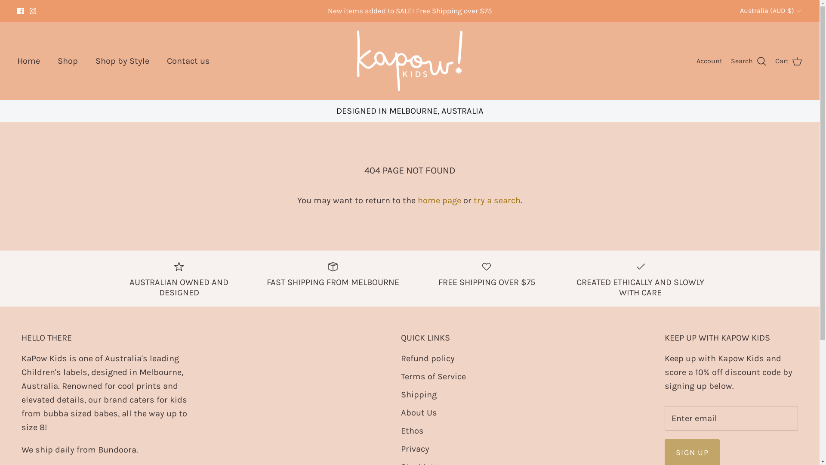  I want to click on 'Shipping', so click(419, 394).